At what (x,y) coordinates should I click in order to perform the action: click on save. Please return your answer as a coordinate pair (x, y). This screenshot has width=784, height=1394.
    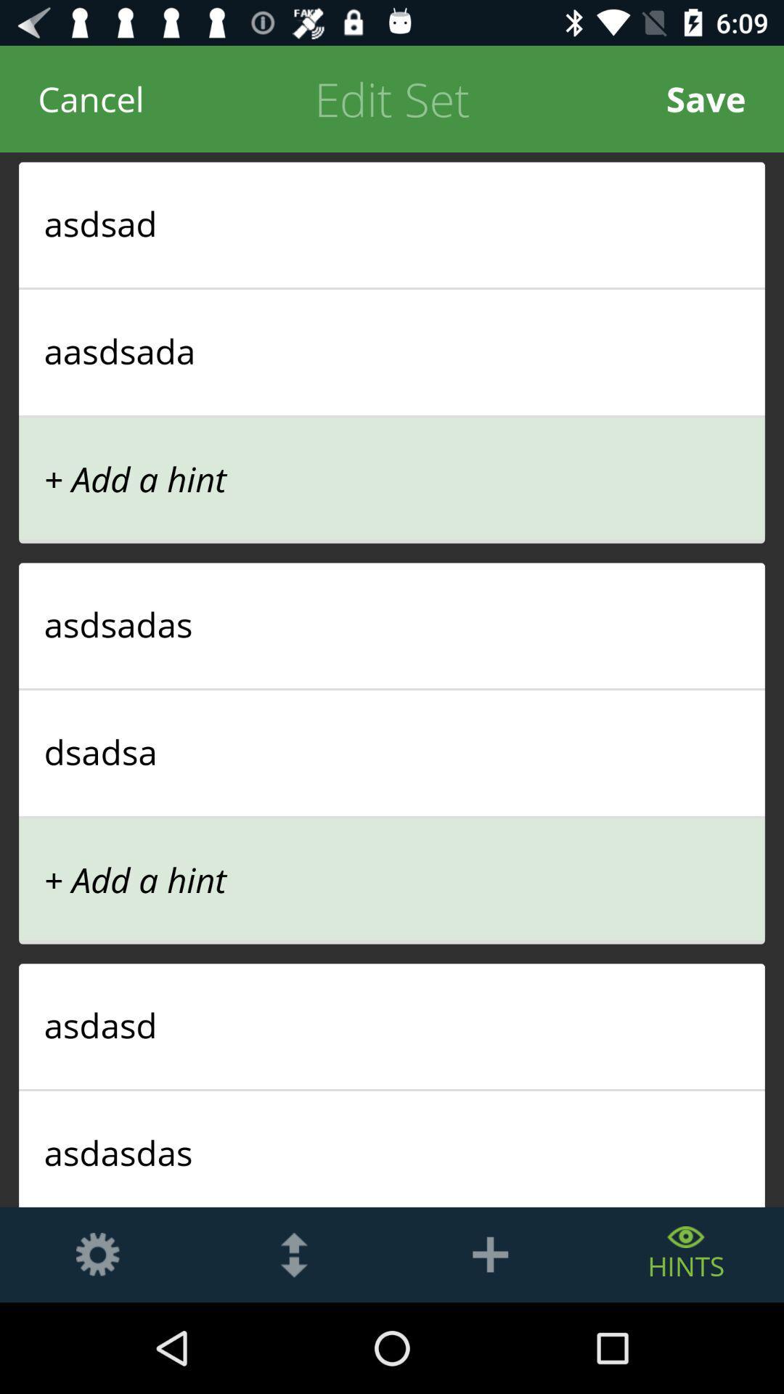
    Looking at the image, I should click on (705, 98).